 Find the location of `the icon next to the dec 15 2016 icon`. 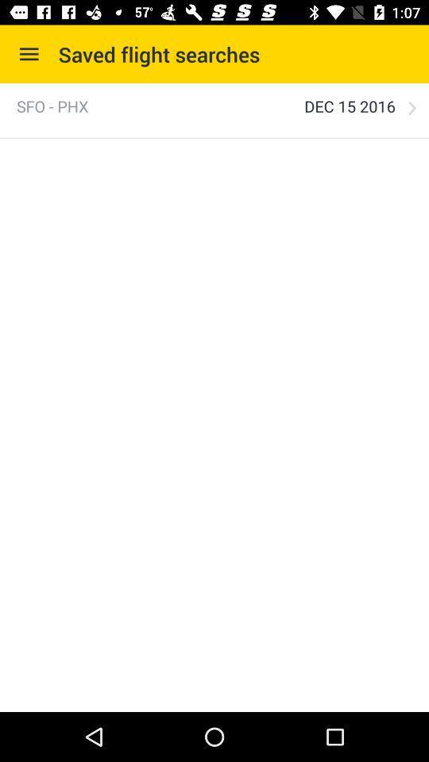

the icon next to the dec 15 2016 icon is located at coordinates (52, 106).